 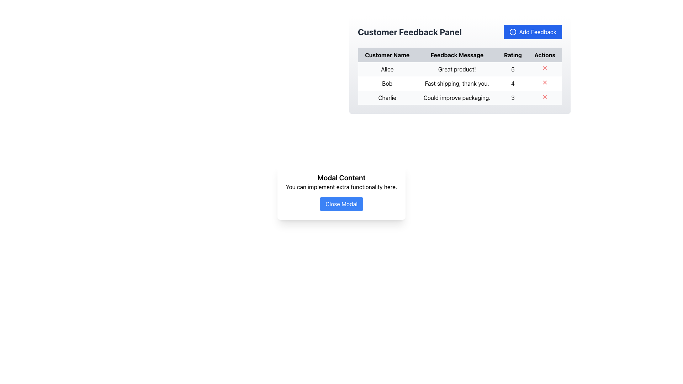 I want to click on to select the second row of the table in the 'Customer Feedback Panel' which contains customer review information, so click(x=460, y=83).